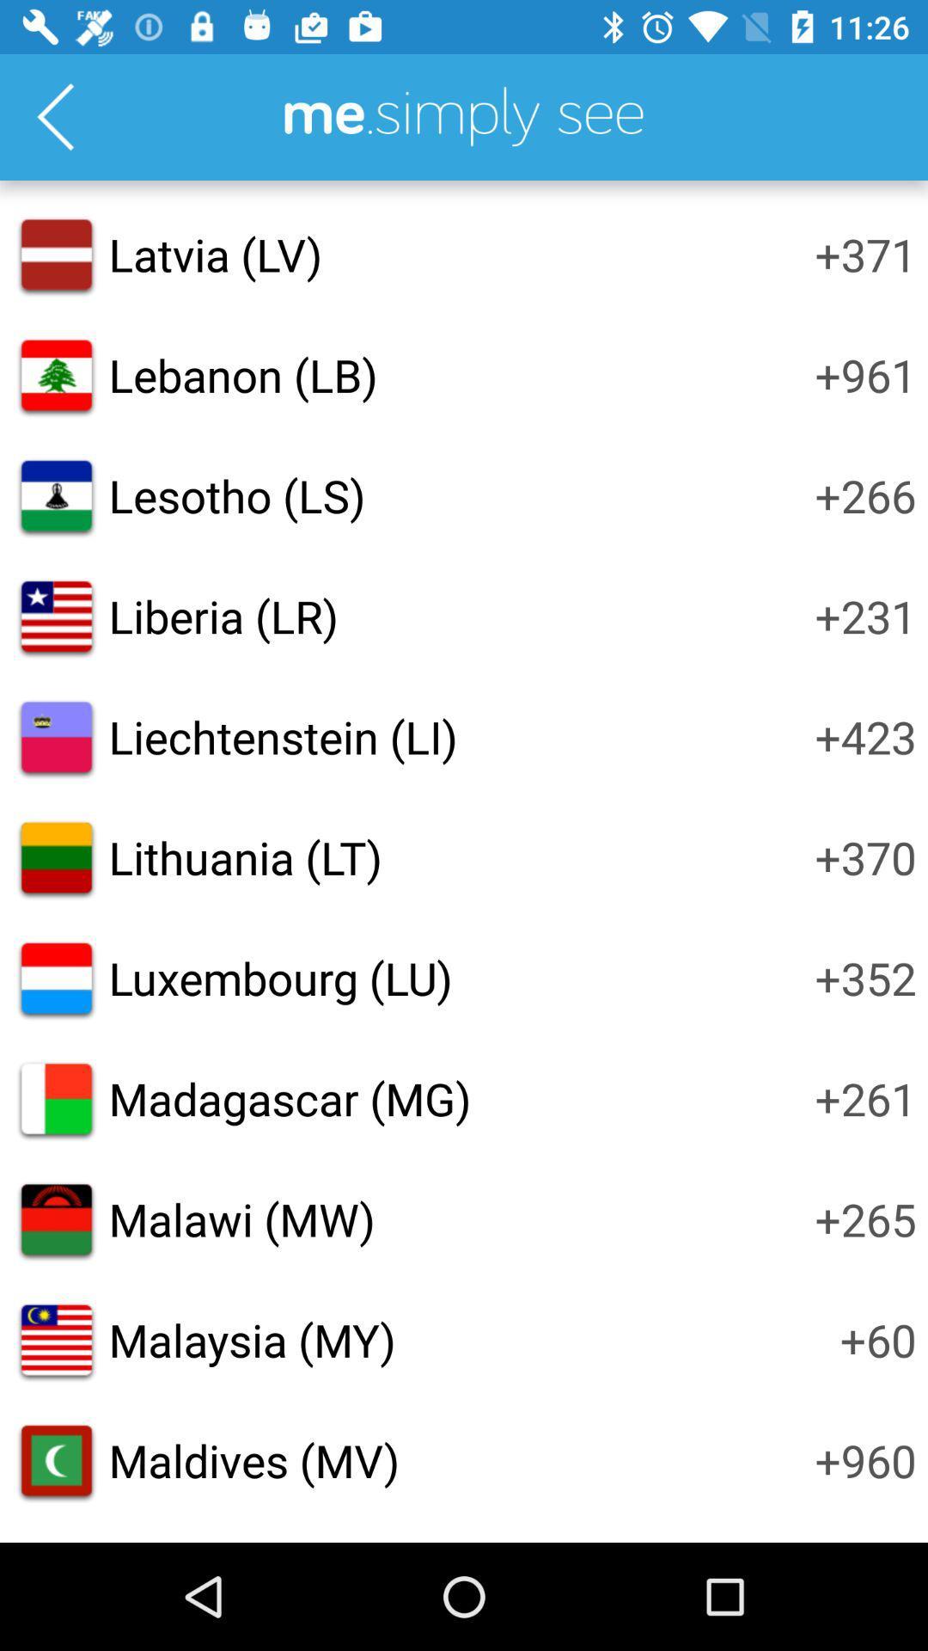 The height and width of the screenshot is (1651, 928). Describe the element at coordinates (865, 978) in the screenshot. I see `item above the +261 icon` at that location.